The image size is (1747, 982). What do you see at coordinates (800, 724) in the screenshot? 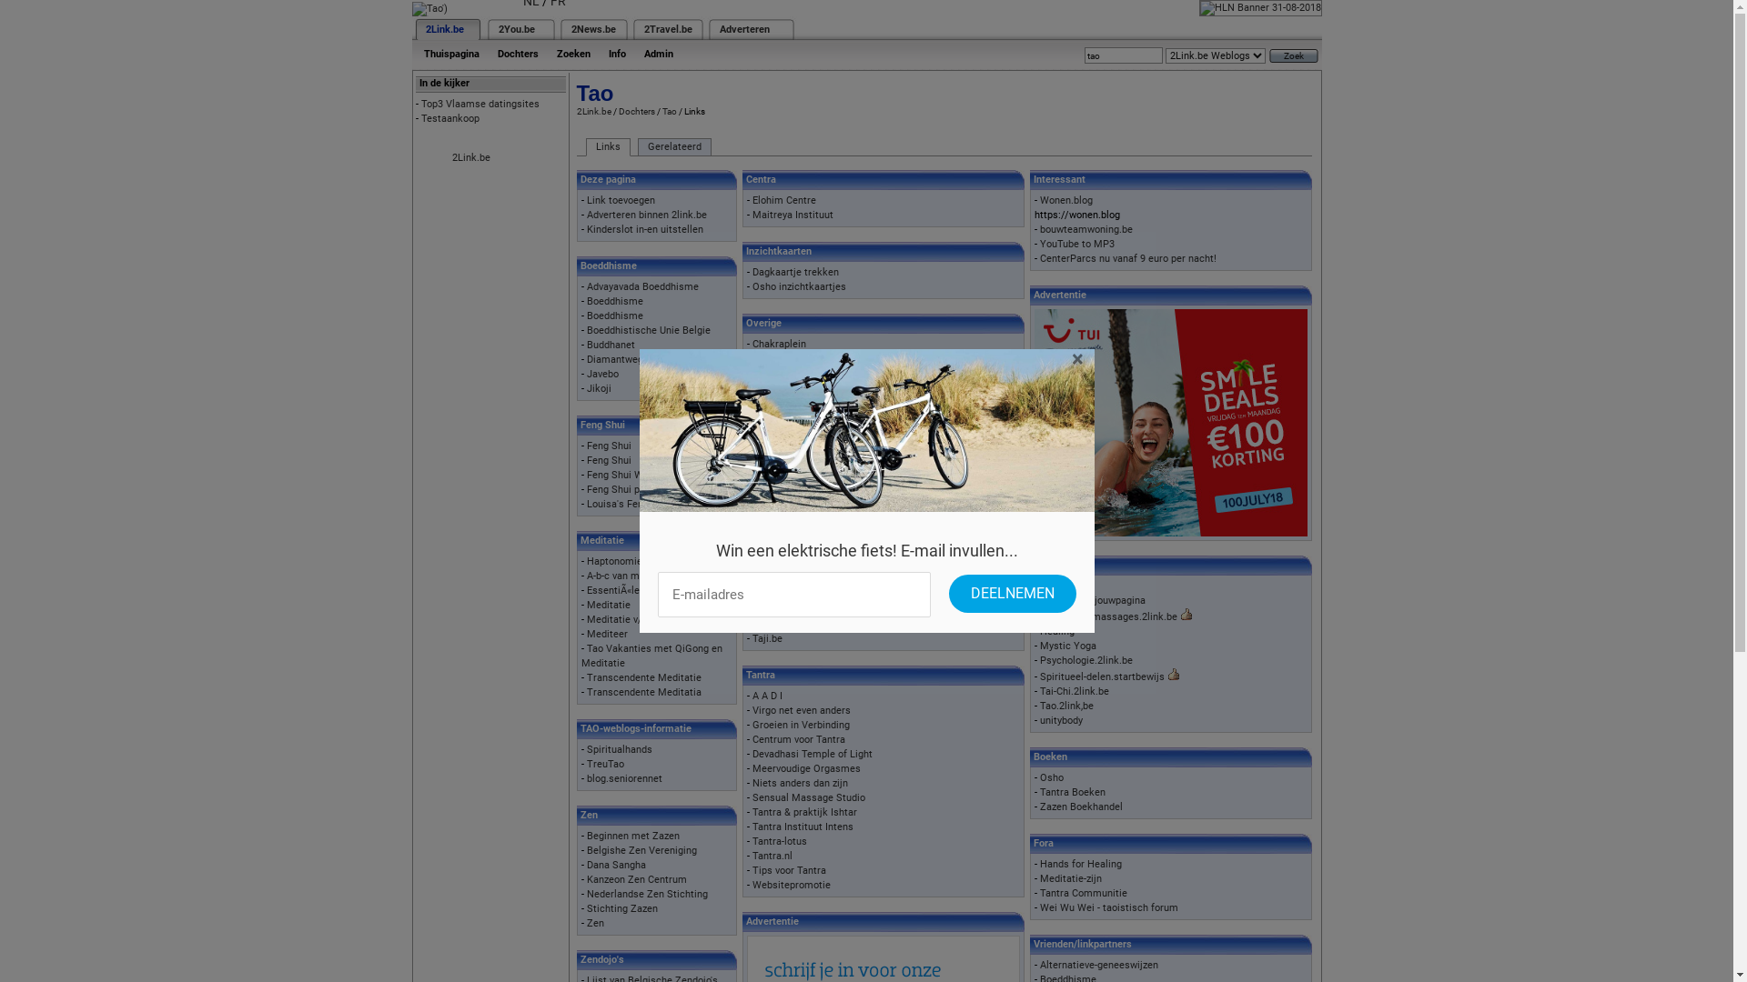
I see `'Groeien in Verbinding'` at bounding box center [800, 724].